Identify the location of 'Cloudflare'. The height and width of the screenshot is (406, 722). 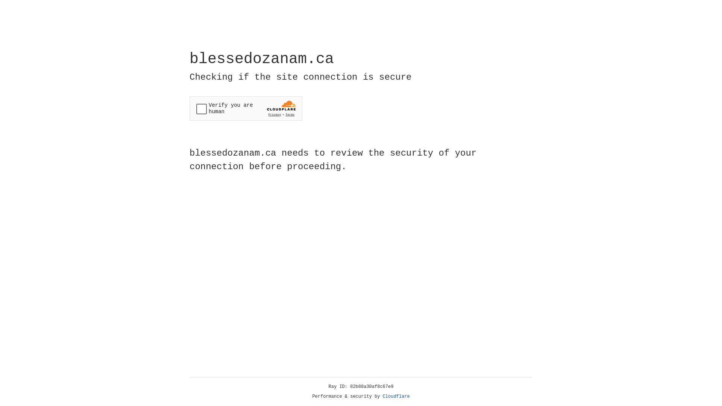
(396, 396).